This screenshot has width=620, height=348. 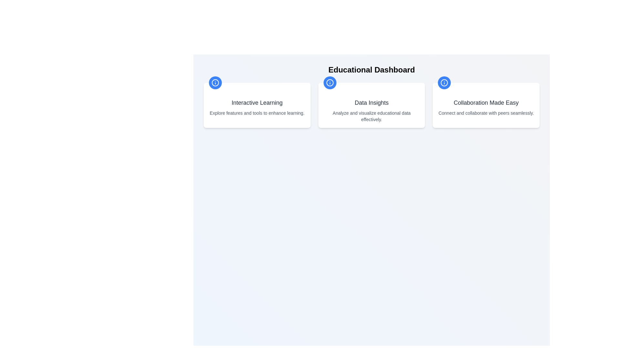 I want to click on the Icon Button positioned above the 'Data Insights' card in the second column, so click(x=330, y=82).